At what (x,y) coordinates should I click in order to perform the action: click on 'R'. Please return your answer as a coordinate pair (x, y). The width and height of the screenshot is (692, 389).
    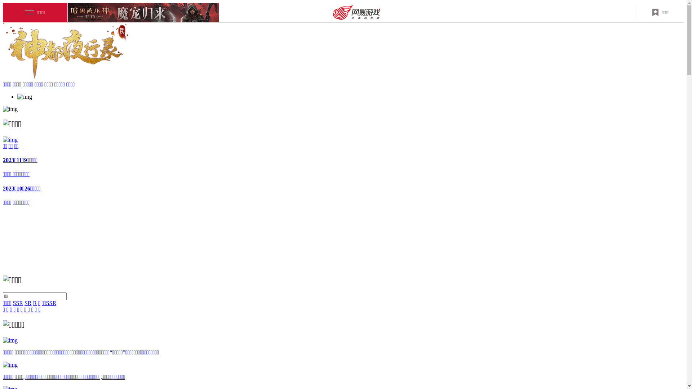
    Looking at the image, I should click on (32, 303).